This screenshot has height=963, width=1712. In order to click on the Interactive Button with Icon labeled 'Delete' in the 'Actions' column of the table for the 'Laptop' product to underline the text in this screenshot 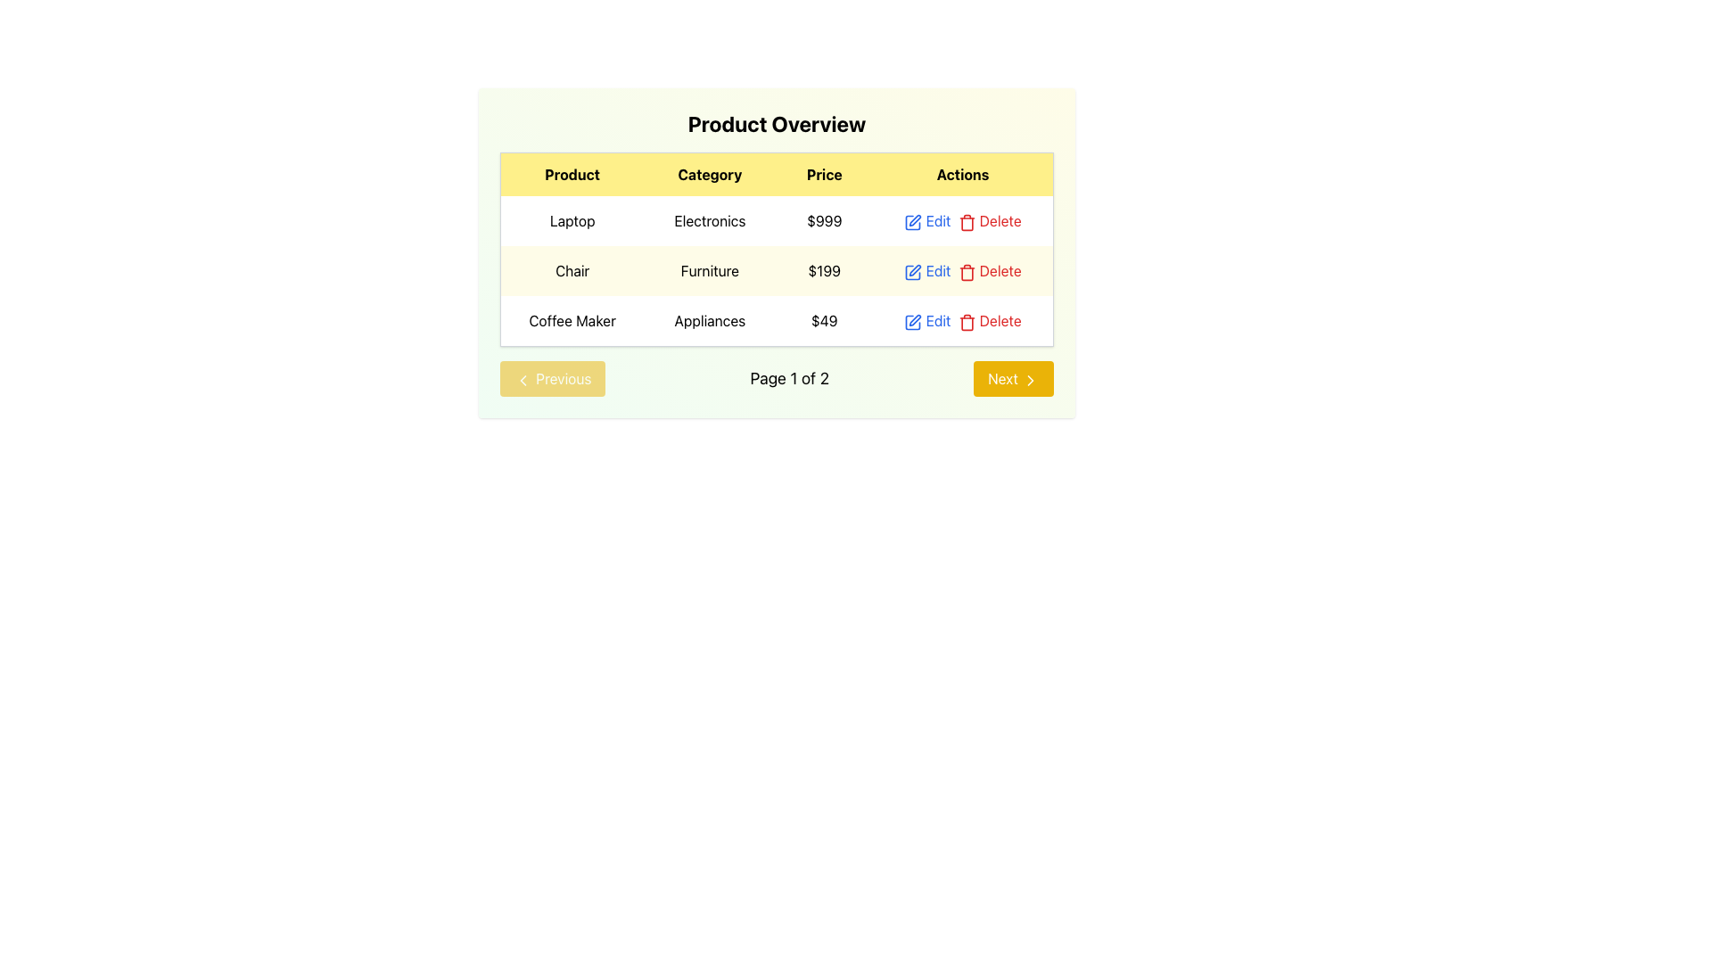, I will do `click(989, 219)`.